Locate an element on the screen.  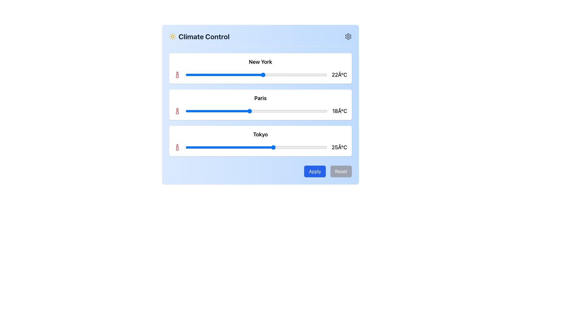
the Paris temperature slider is located at coordinates (309, 111).